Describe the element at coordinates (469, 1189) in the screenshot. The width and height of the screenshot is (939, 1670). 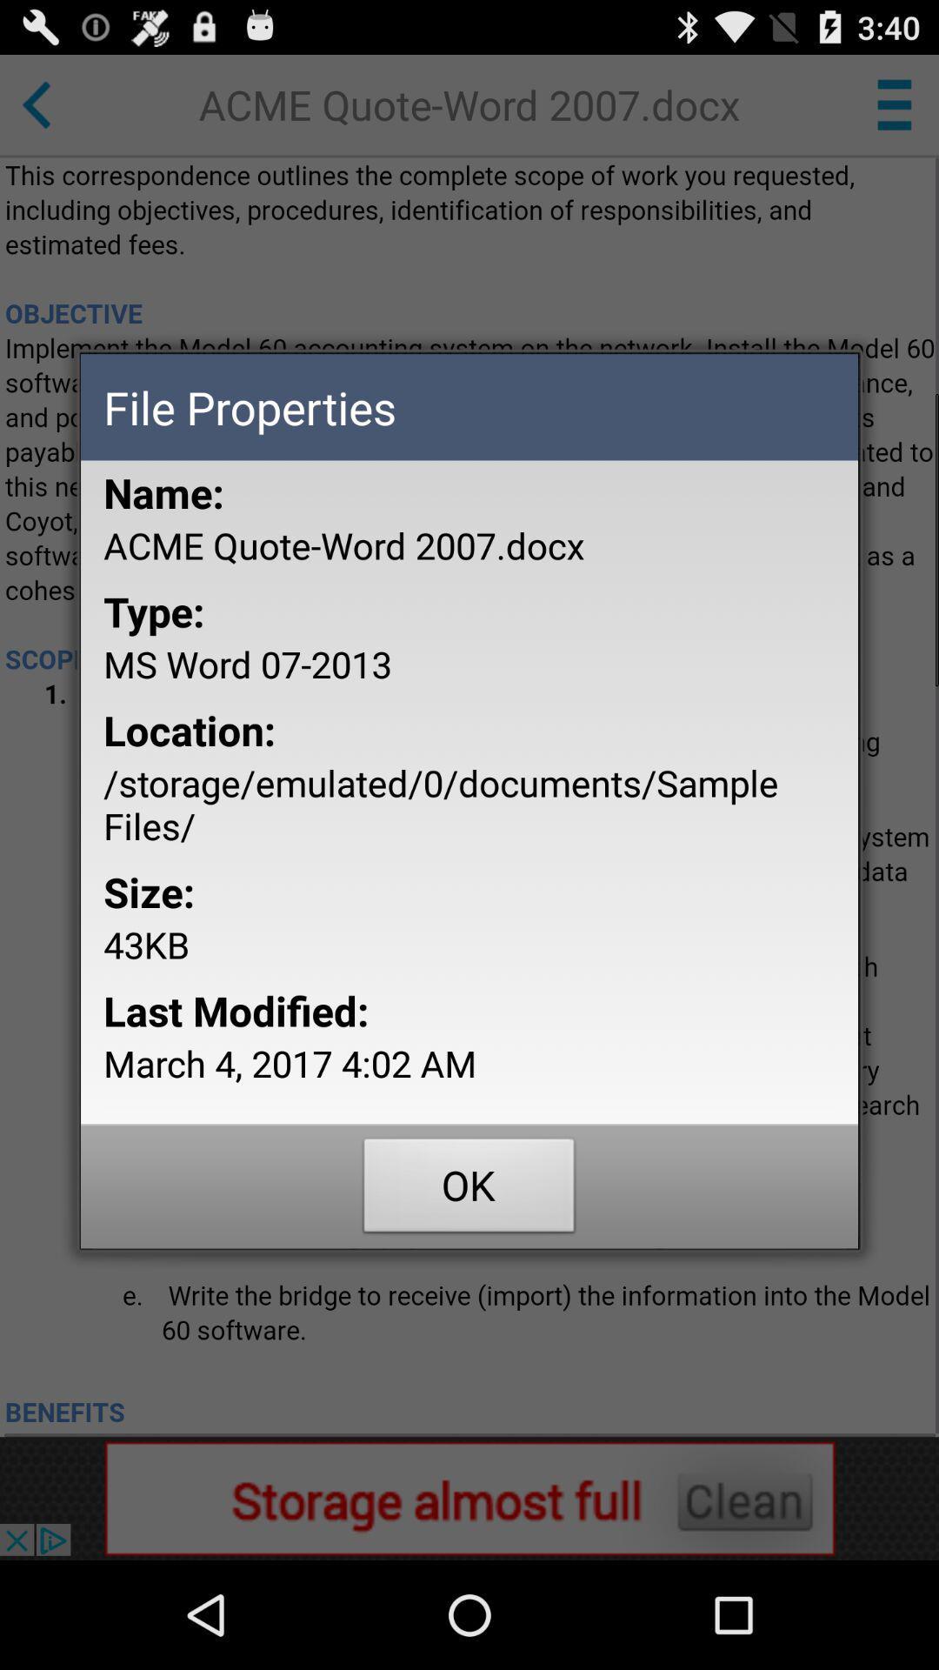
I see `the item at the bottom` at that location.